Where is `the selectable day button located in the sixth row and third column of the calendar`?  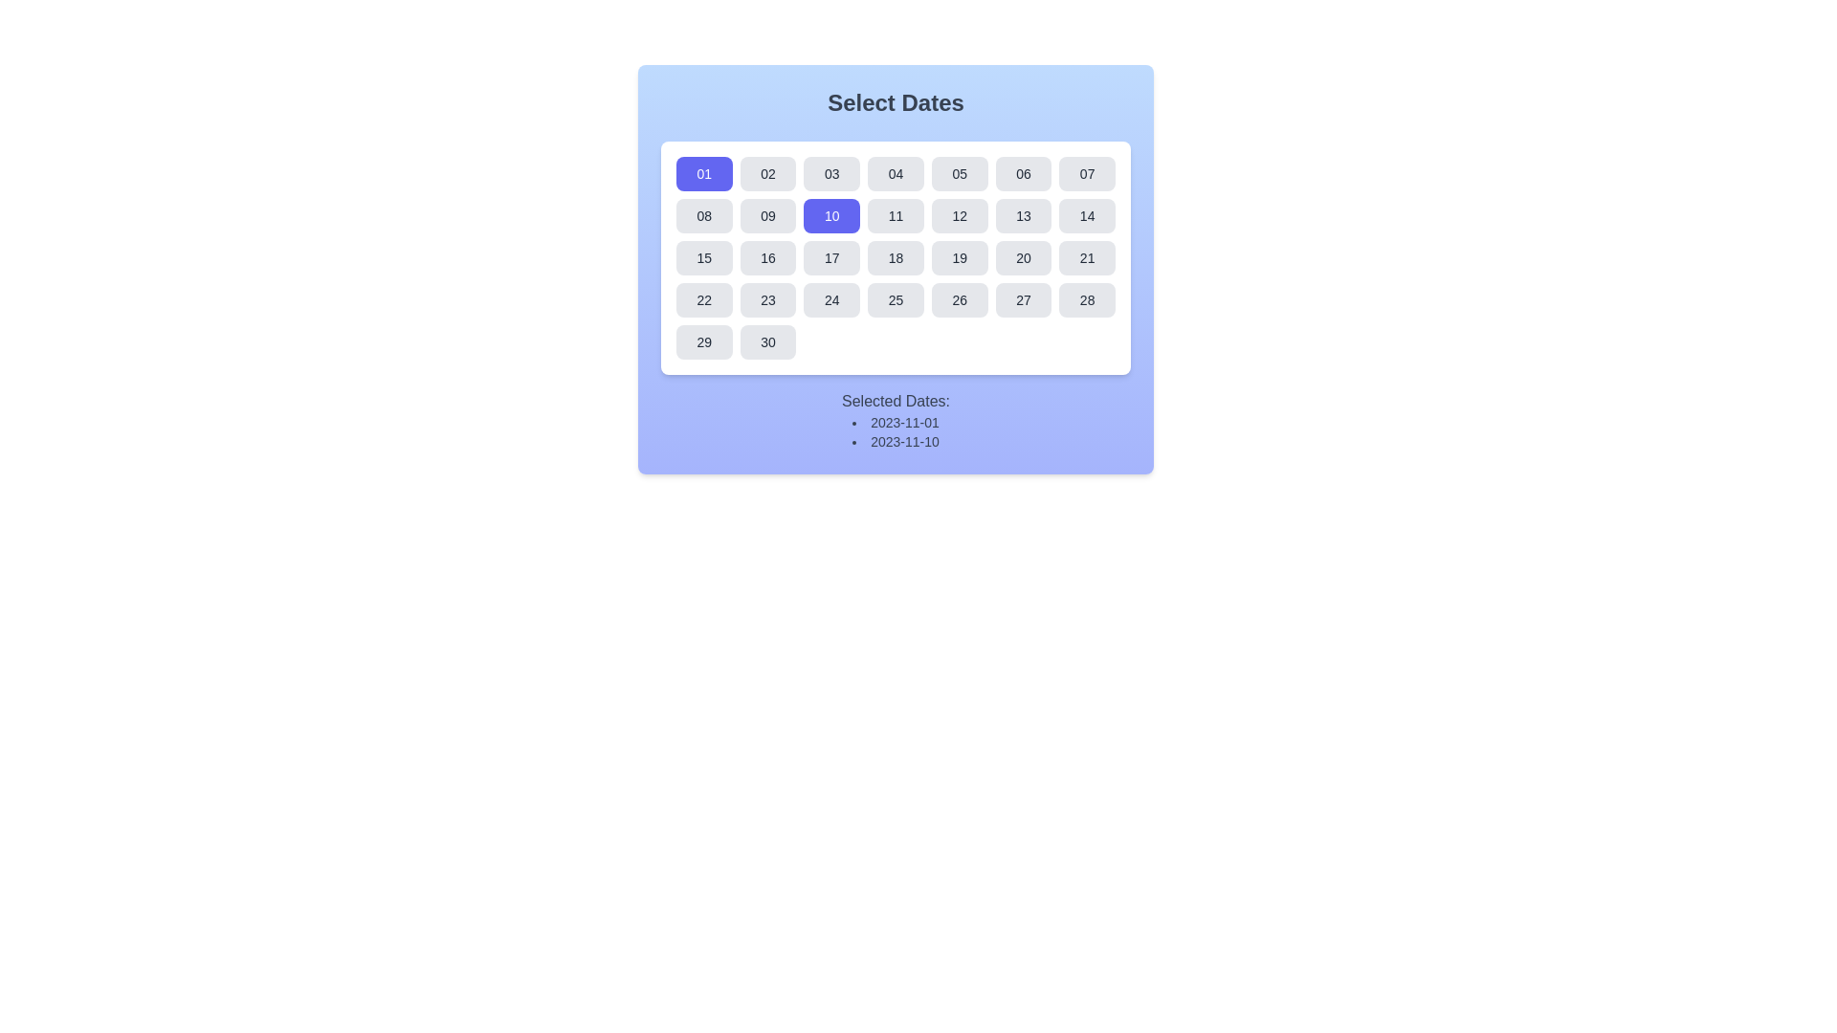 the selectable day button located in the sixth row and third column of the calendar is located at coordinates (1087, 258).